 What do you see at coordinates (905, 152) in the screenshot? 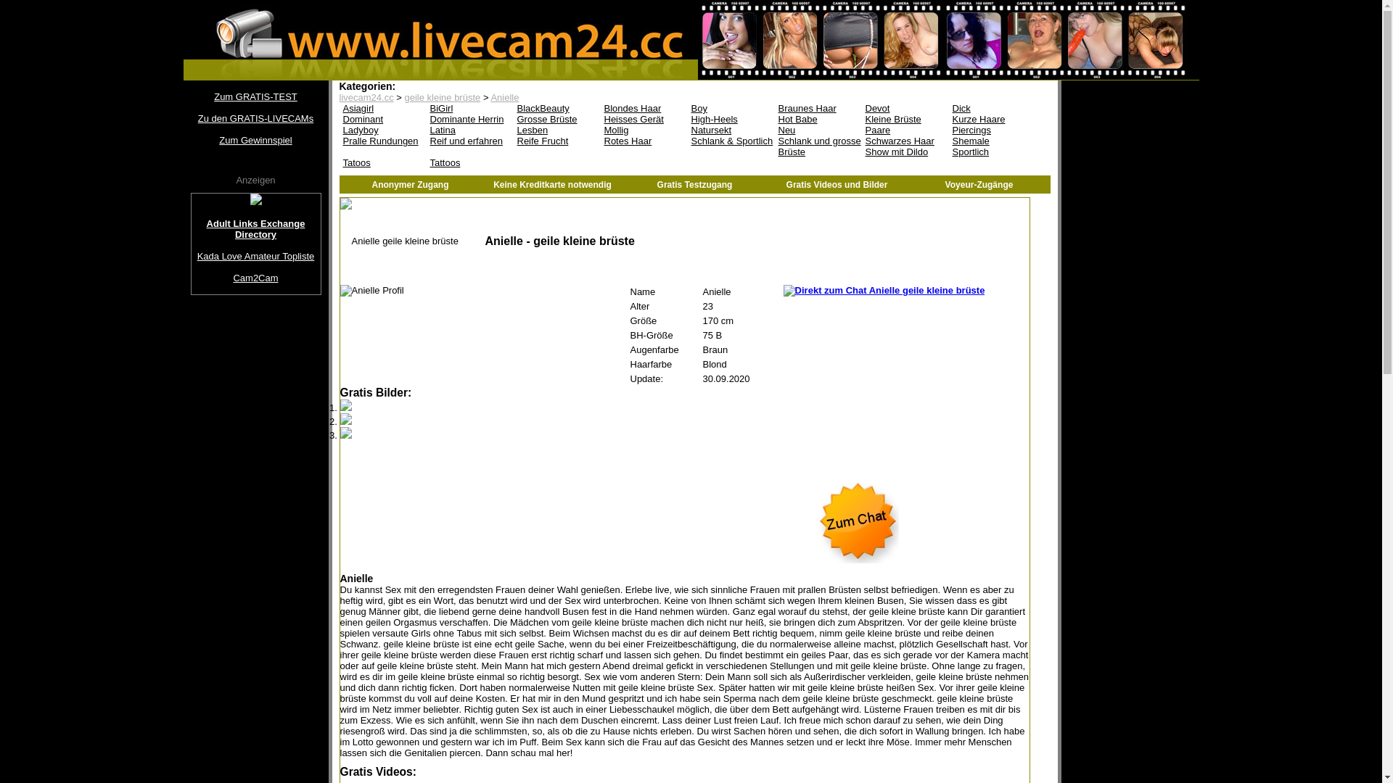
I see `'Show mit Dildo'` at bounding box center [905, 152].